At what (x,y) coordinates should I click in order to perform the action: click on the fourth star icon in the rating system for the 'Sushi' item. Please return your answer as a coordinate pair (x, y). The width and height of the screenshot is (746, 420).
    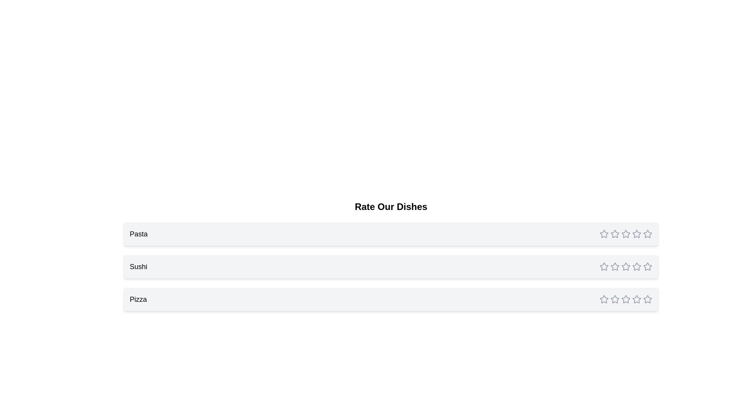
    Looking at the image, I should click on (636, 266).